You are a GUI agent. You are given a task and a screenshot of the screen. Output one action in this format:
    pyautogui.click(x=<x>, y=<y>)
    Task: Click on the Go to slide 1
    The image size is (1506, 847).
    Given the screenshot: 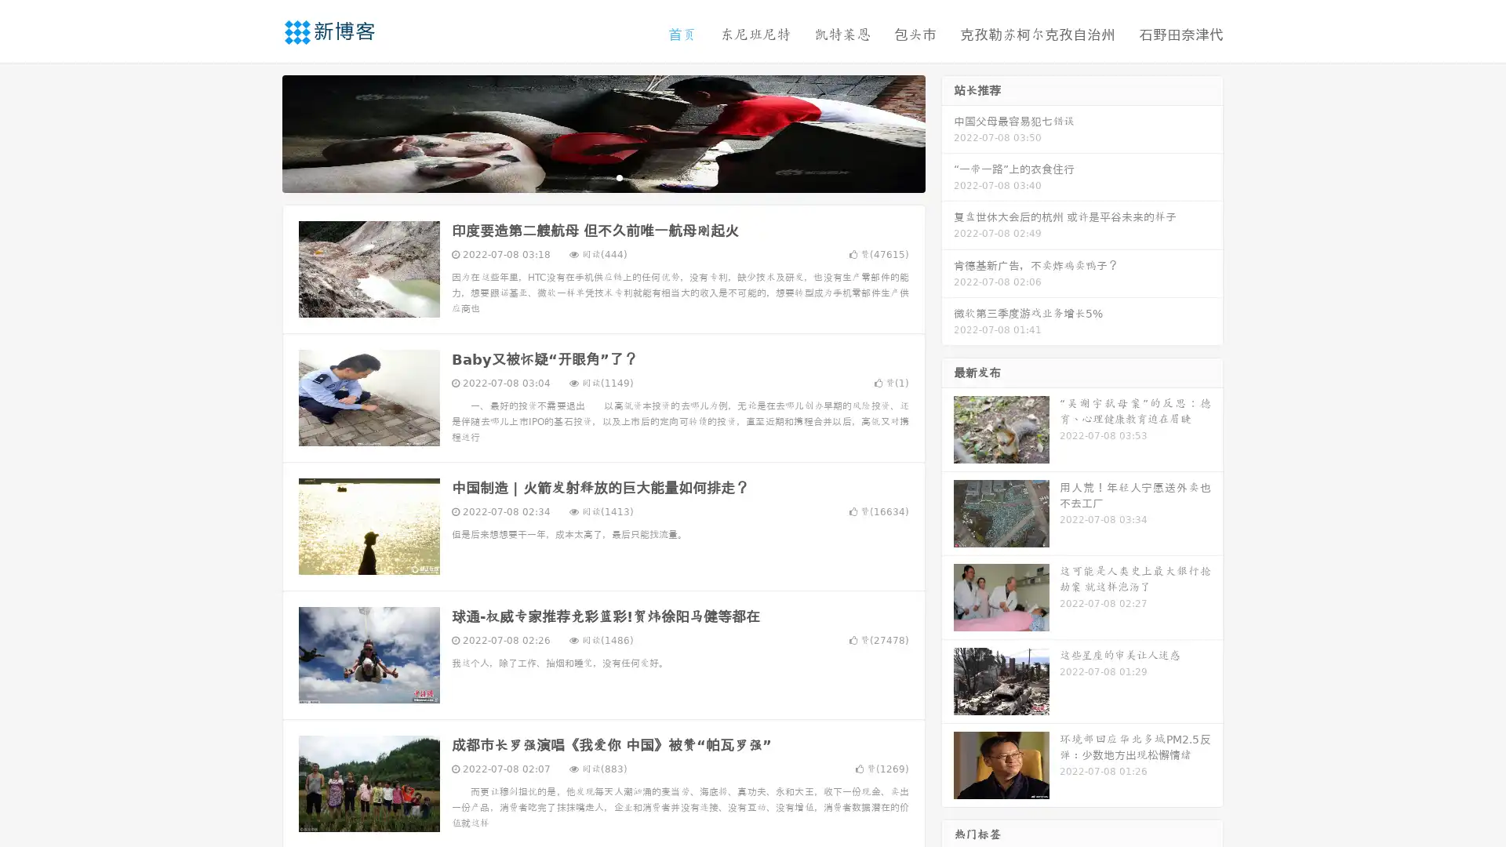 What is the action you would take?
    pyautogui.click(x=587, y=176)
    